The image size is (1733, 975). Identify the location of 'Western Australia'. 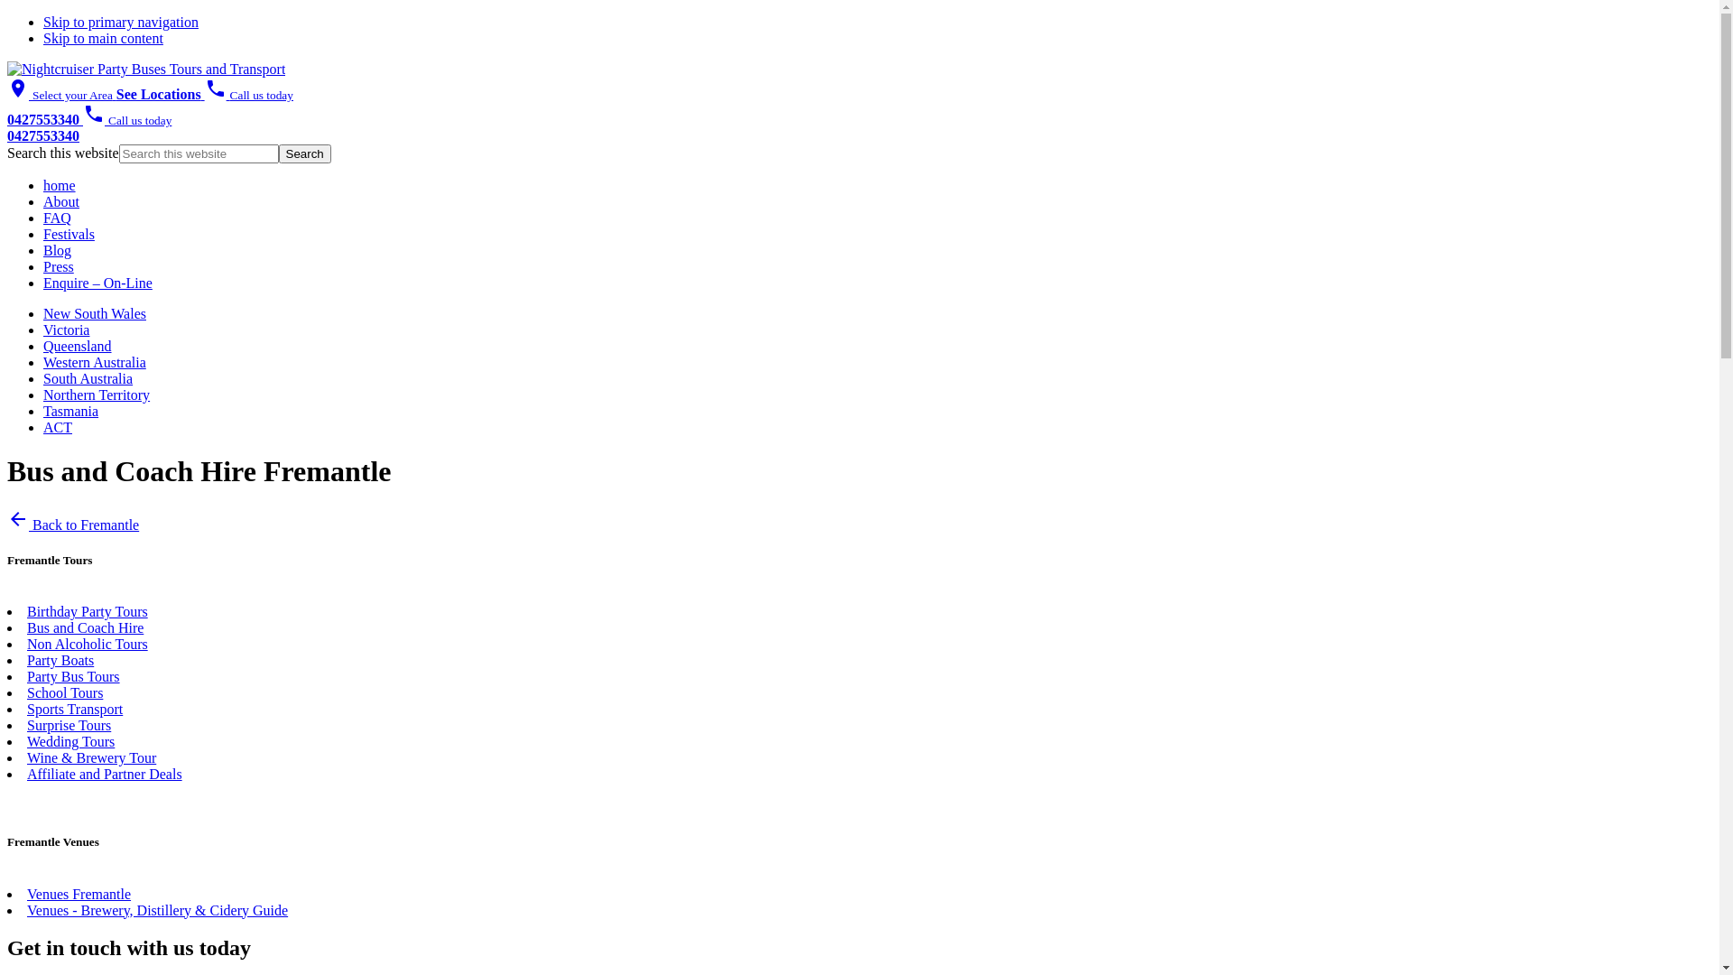
(94, 362).